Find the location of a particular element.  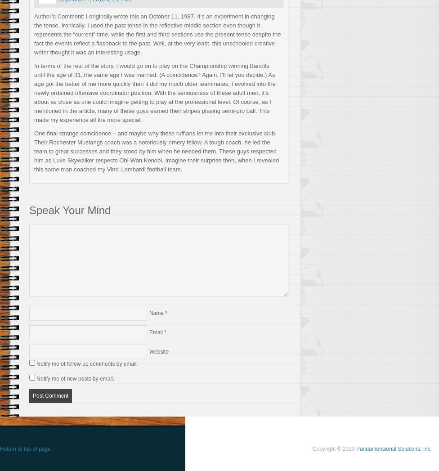

'Author’s Comment: I originally wrote this on October 11, 1987. It’s an experiment in changing the tense. Ironically, I used the past tense in the reflective middle section even though it represents the “current” time, while the first and third sections use the present tense despite the fact the events reflect a flashback to the past. Well, at the very least, this unschooled creative writer thought it was an interesting usage.' is located at coordinates (157, 34).